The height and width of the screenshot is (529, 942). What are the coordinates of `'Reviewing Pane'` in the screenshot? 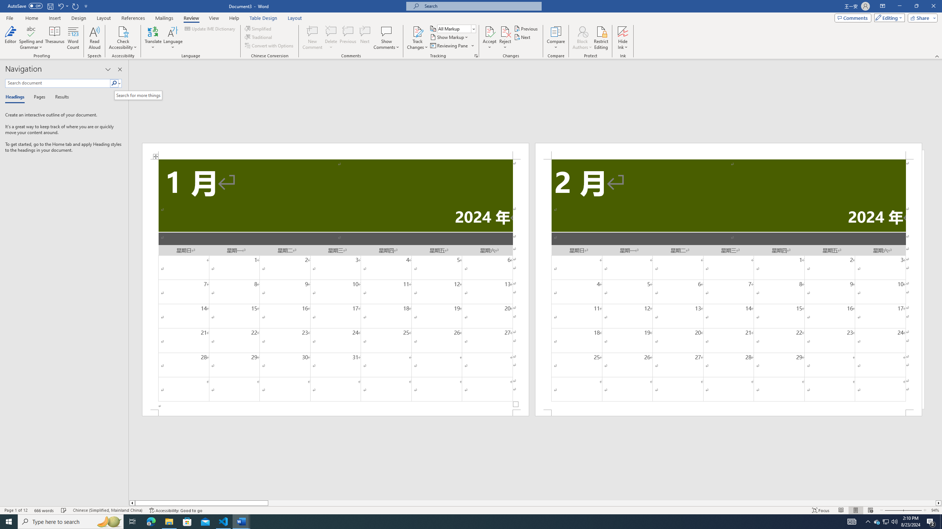 It's located at (451, 45).